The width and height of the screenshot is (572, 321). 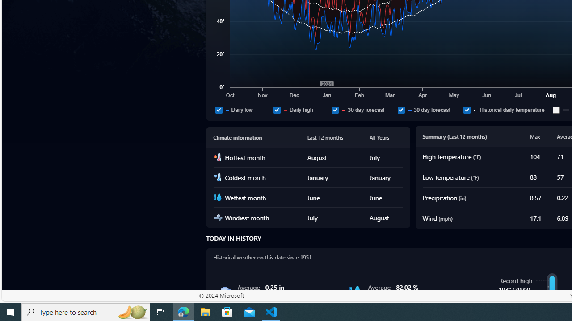 I want to click on 'Daily high', so click(x=300, y=109).